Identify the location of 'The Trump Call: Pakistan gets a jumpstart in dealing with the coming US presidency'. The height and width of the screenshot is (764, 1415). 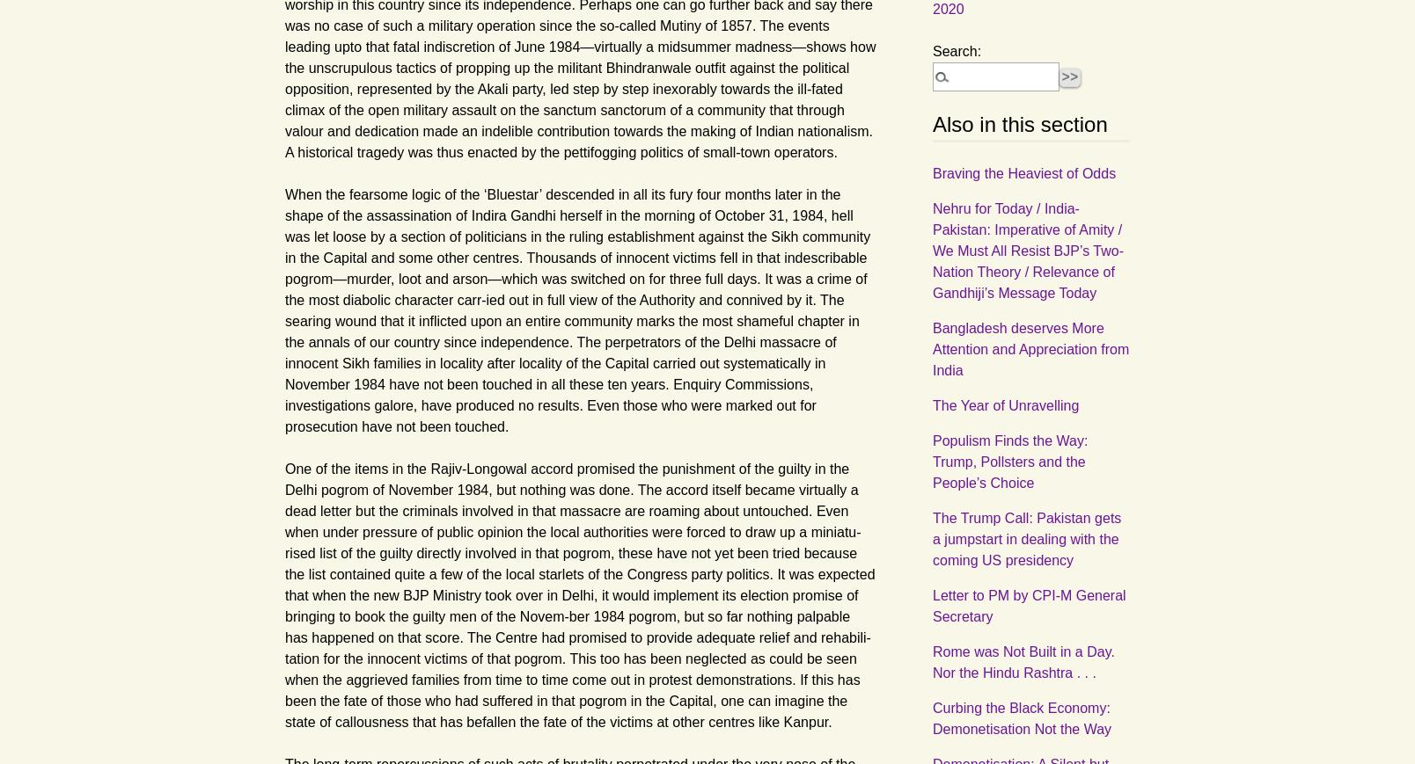
(932, 538).